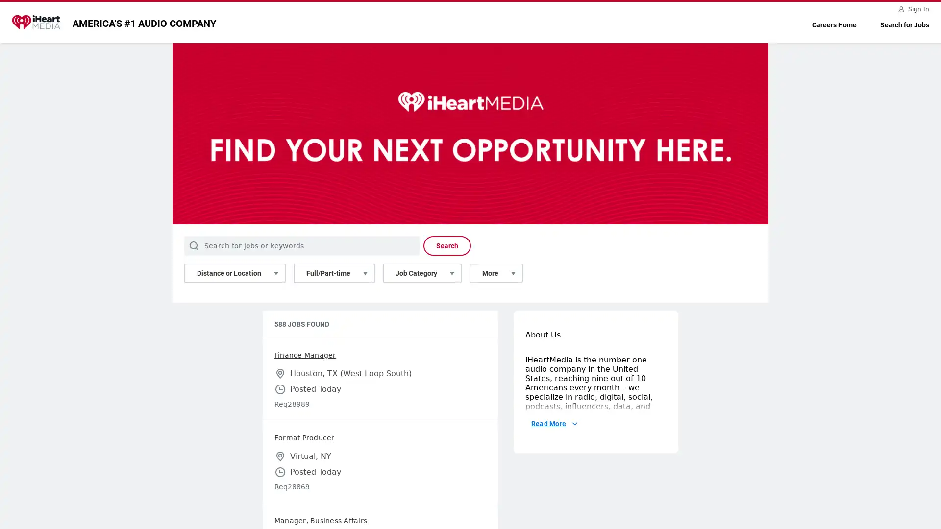 This screenshot has width=941, height=529. I want to click on Search, so click(446, 245).